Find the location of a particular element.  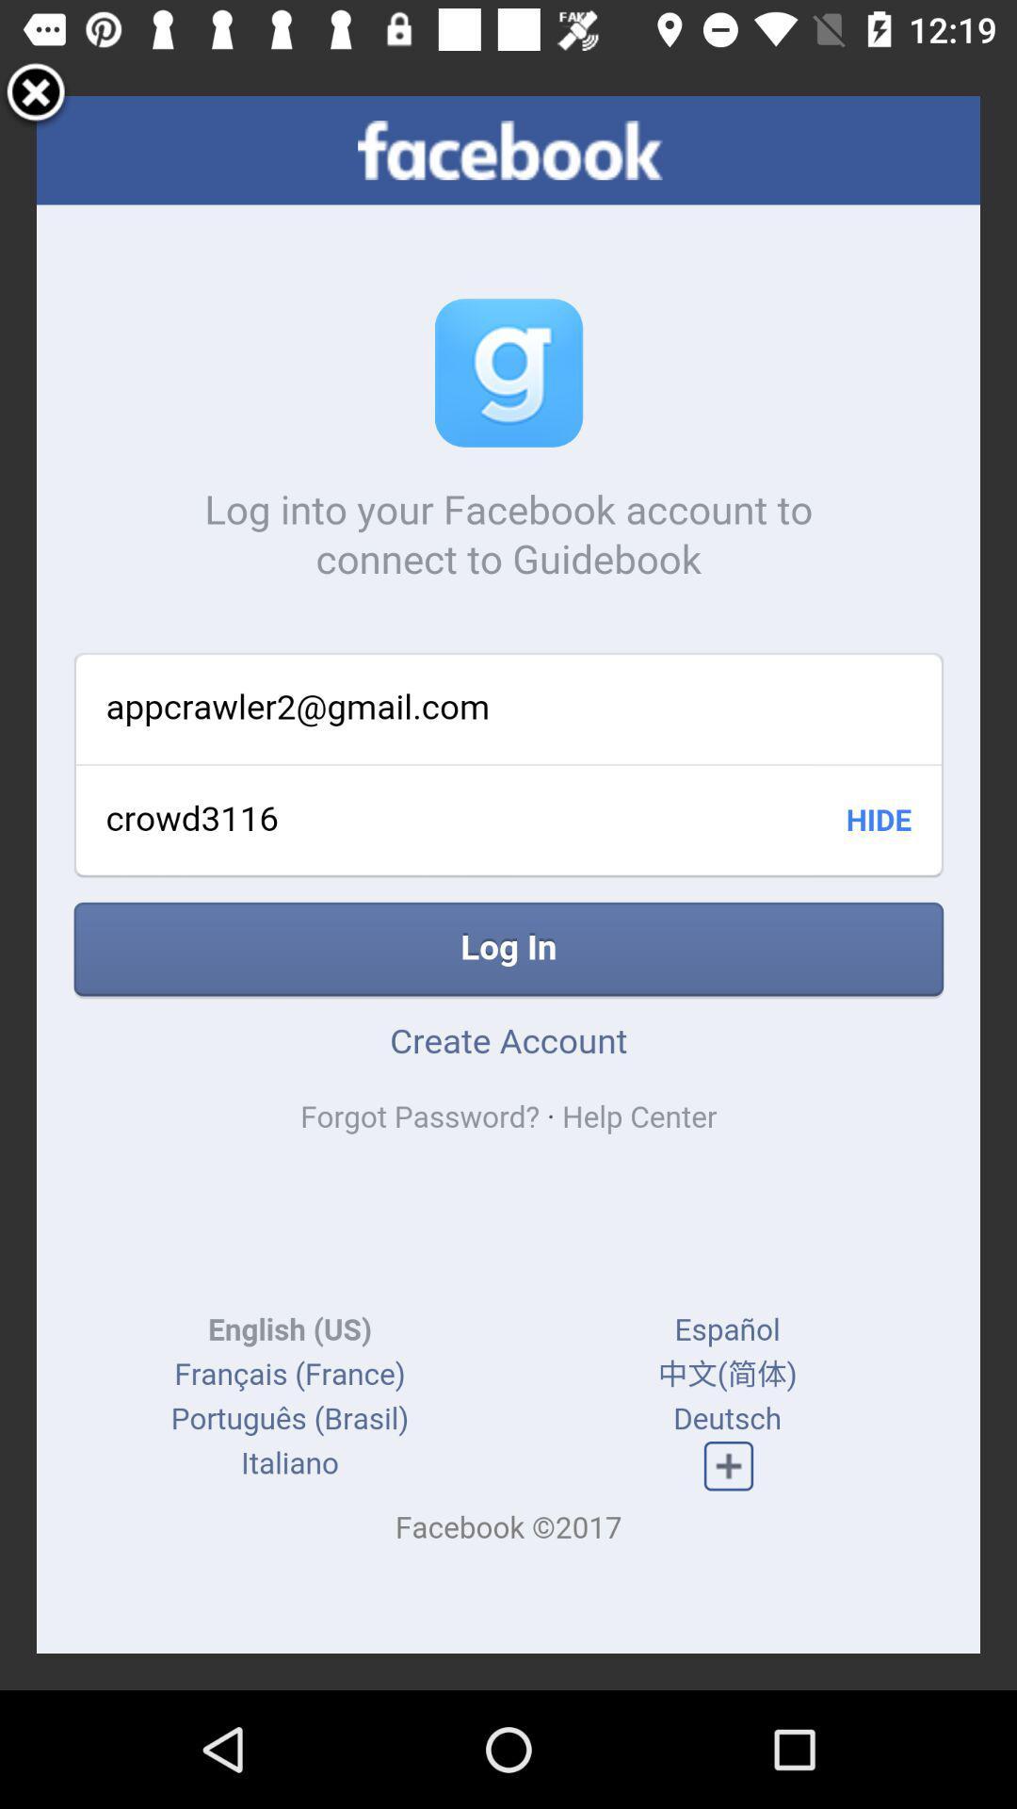

exit element is located at coordinates (36, 94).